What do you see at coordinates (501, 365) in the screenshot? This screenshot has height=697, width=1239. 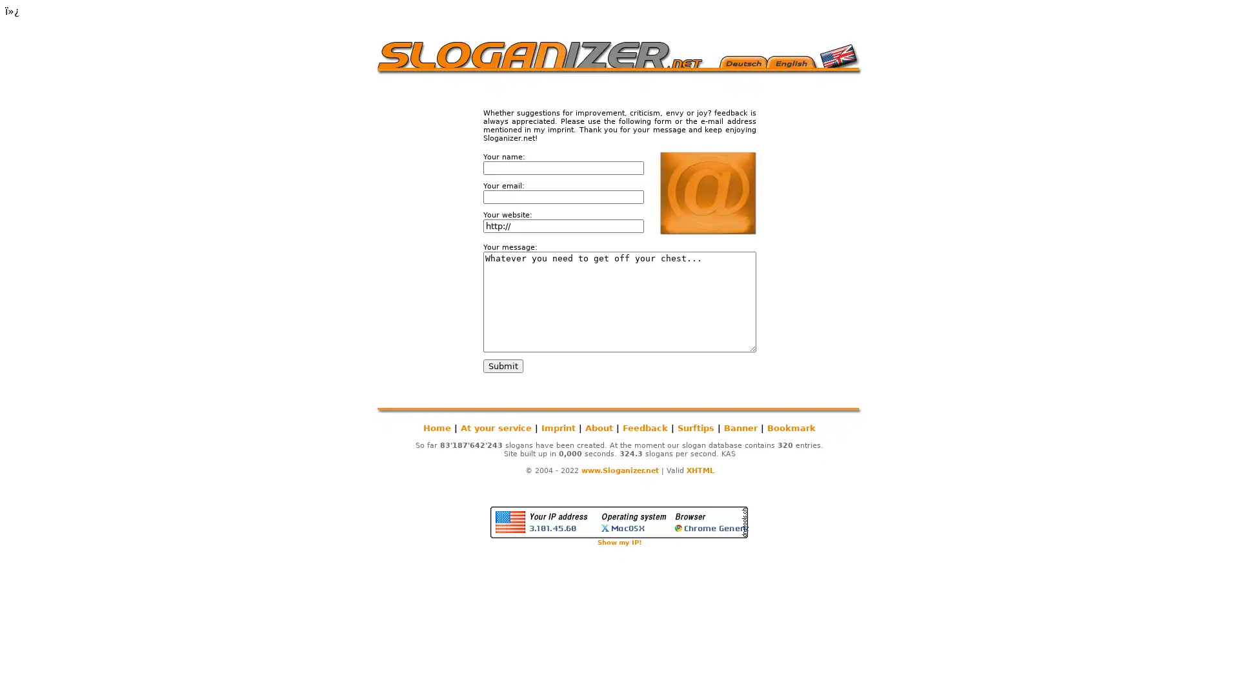 I see `Submit` at bounding box center [501, 365].